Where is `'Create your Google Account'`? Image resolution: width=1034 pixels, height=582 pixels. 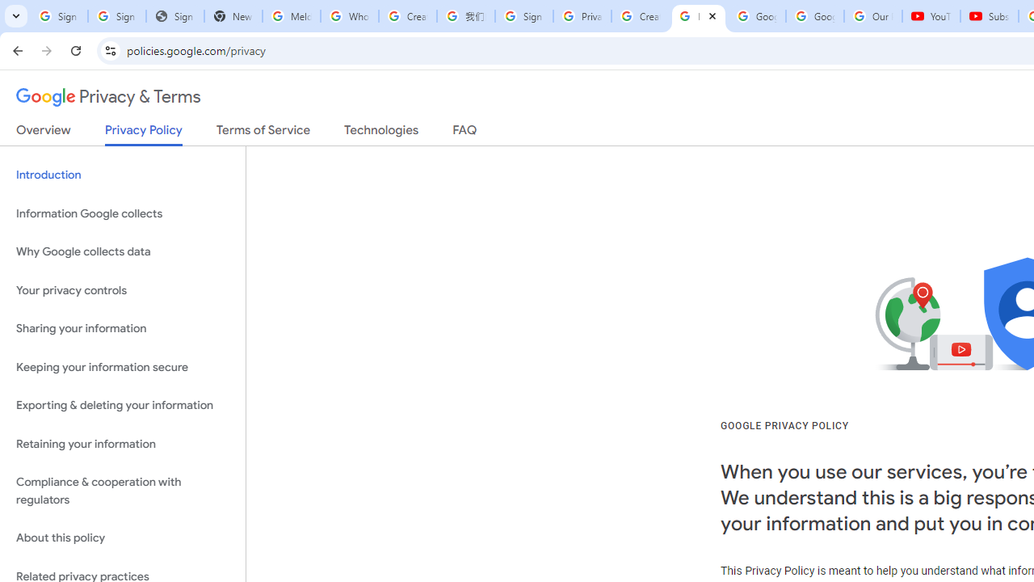 'Create your Google Account' is located at coordinates (639, 16).